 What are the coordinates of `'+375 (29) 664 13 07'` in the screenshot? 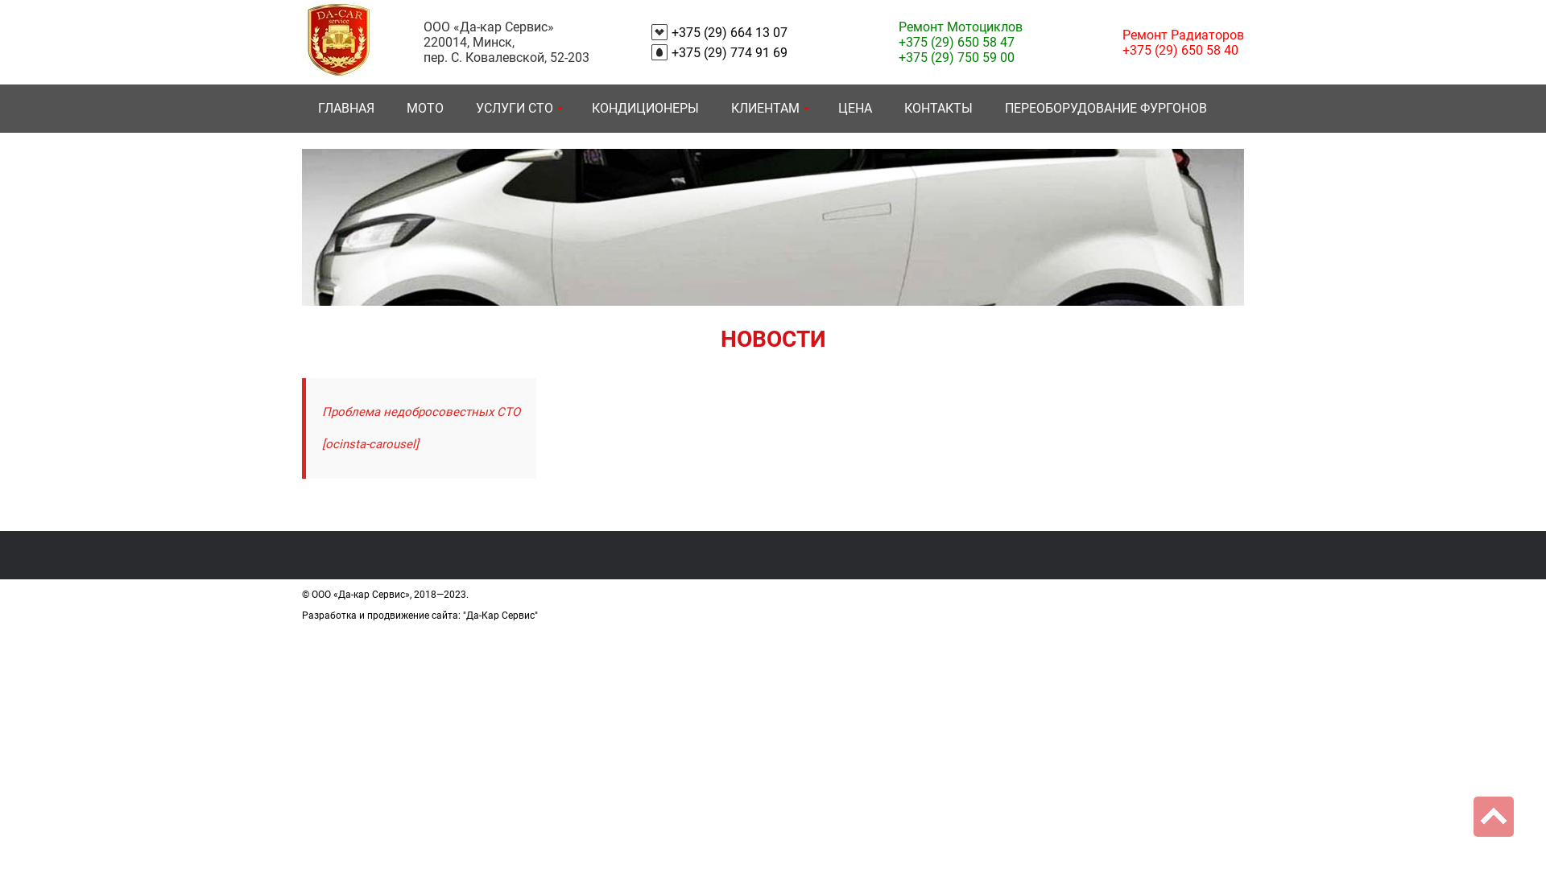 It's located at (729, 31).